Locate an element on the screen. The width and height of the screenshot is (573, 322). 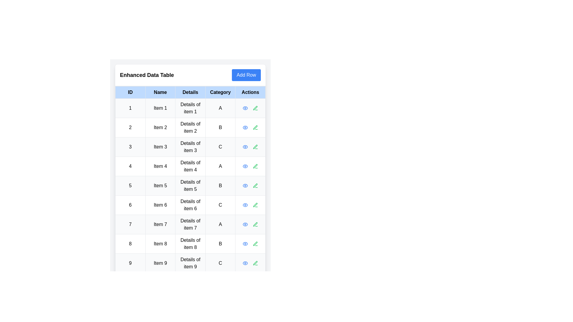
the Label displaying the numeric value '3' in the 'ID' column of the data table, located in the third row is located at coordinates (130, 147).